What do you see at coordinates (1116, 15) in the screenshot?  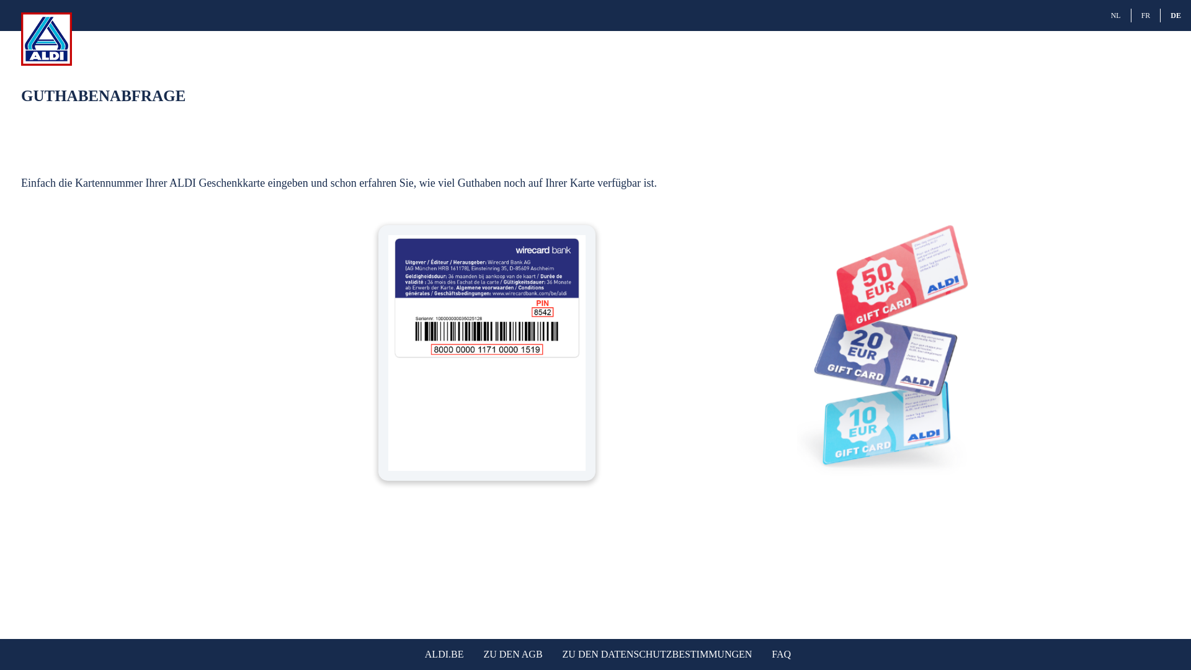 I see `'NL'` at bounding box center [1116, 15].